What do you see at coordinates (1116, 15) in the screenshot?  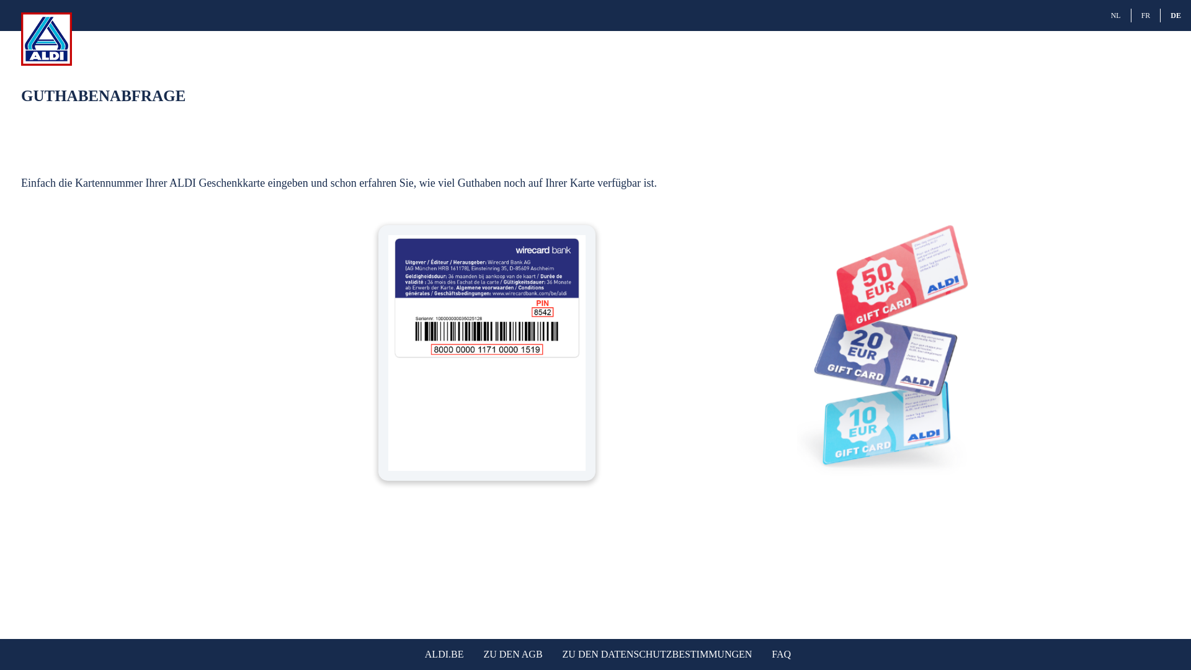 I see `'NL'` at bounding box center [1116, 15].